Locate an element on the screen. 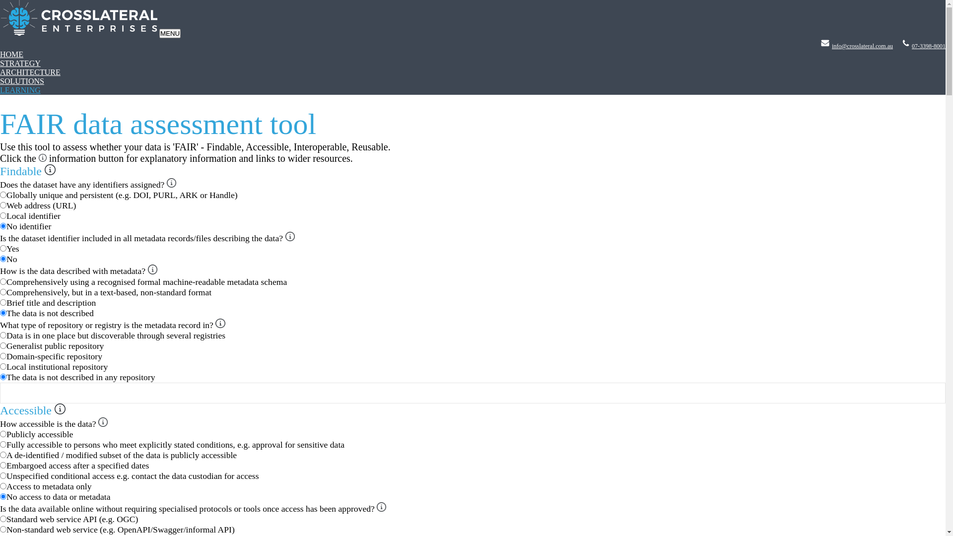  'HOME' is located at coordinates (11, 54).